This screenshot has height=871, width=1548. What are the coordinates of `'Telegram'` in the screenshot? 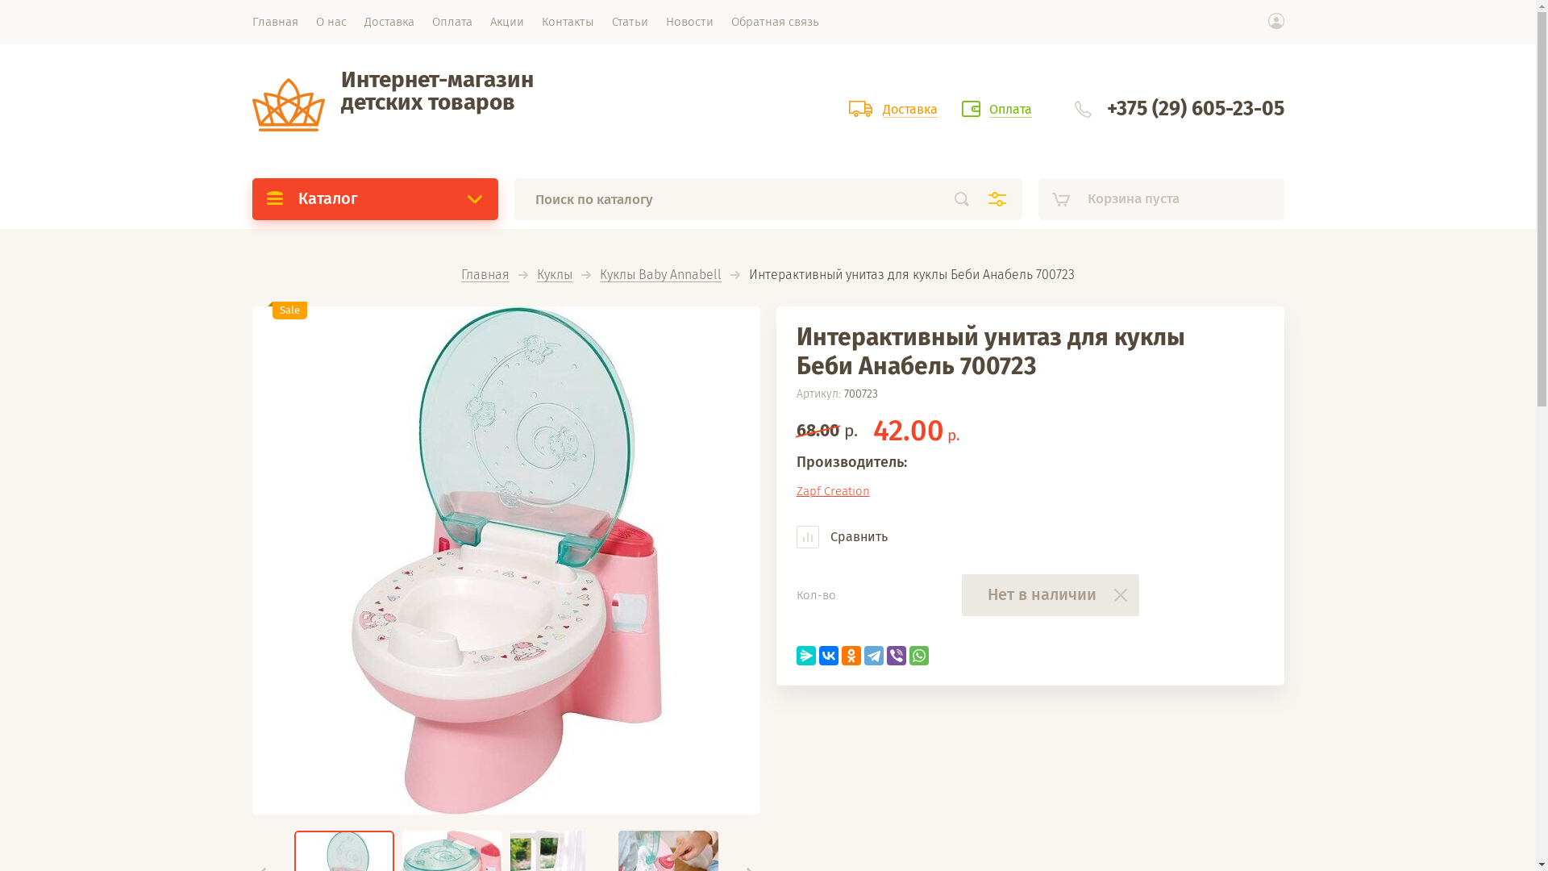 It's located at (873, 656).